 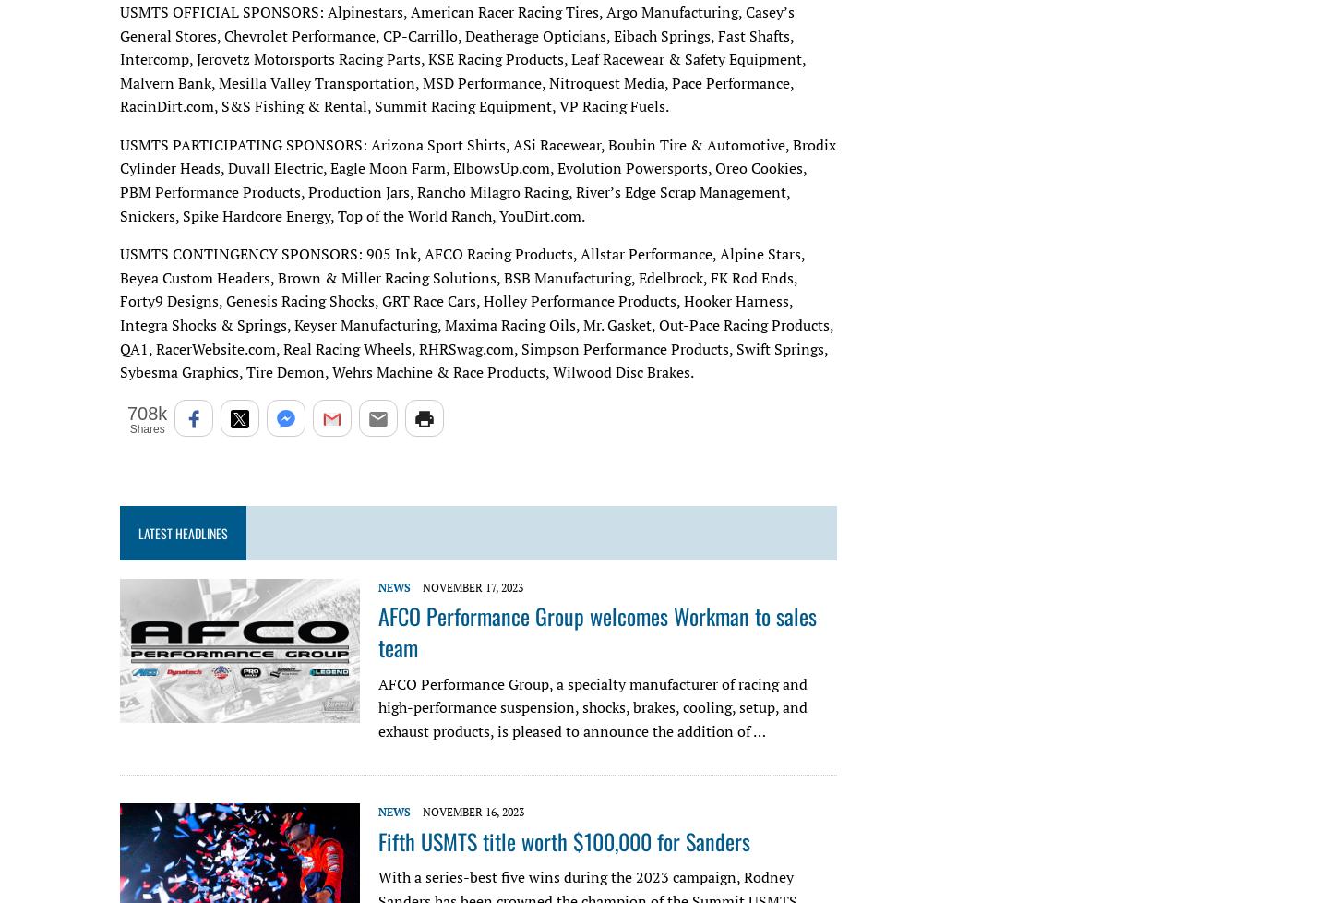 I want to click on '708k', so click(x=146, y=412).